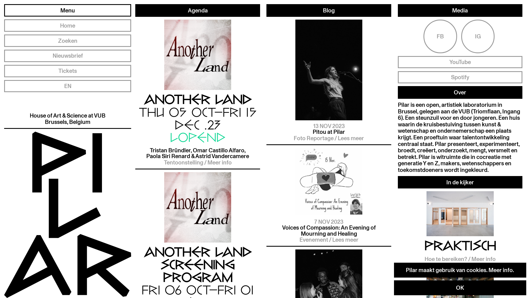 The width and height of the screenshot is (529, 298). What do you see at coordinates (67, 71) in the screenshot?
I see `'Tickets'` at bounding box center [67, 71].